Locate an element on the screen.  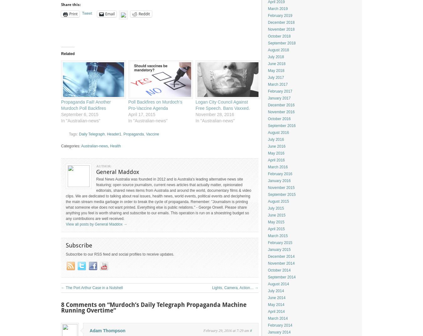
'Vaccine' is located at coordinates (152, 134).